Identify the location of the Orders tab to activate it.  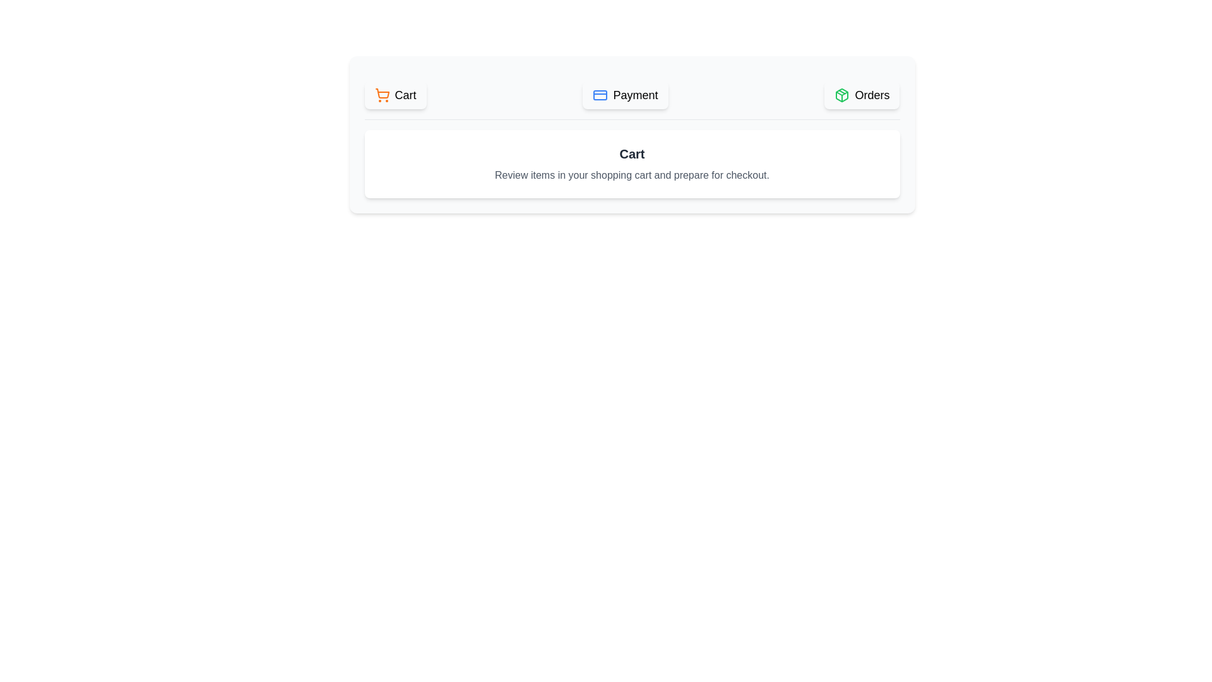
(862, 94).